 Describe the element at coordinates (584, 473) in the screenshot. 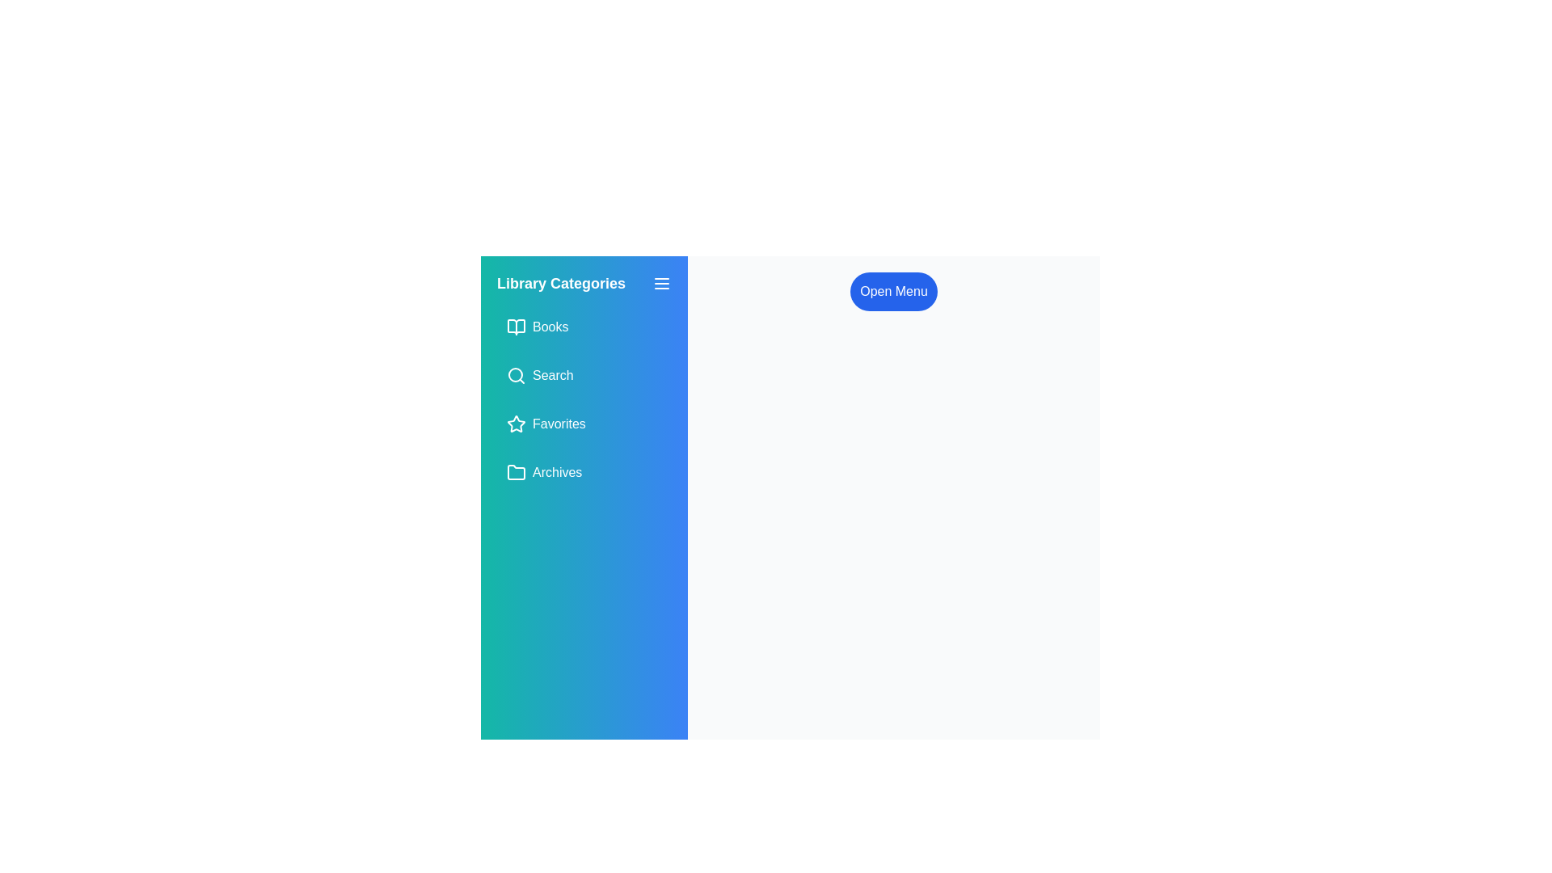

I see `the 'Archives' button in the sidebar` at that location.